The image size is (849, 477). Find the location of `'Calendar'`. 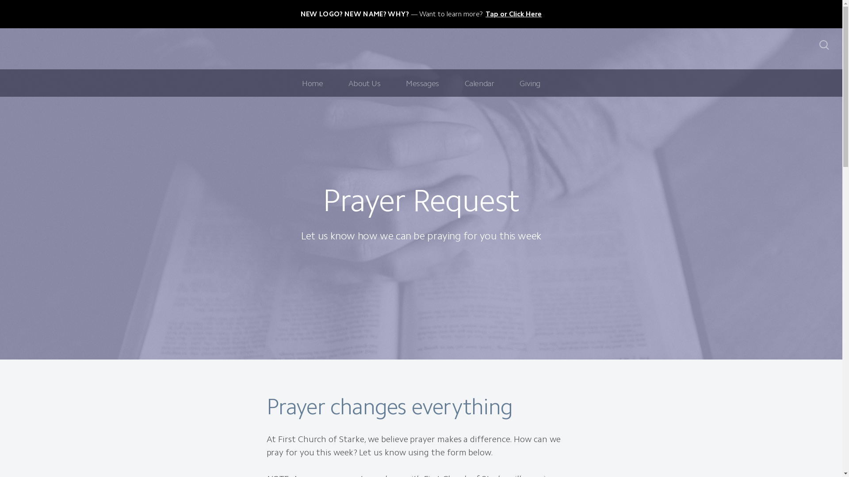

'Calendar' is located at coordinates (479, 83).